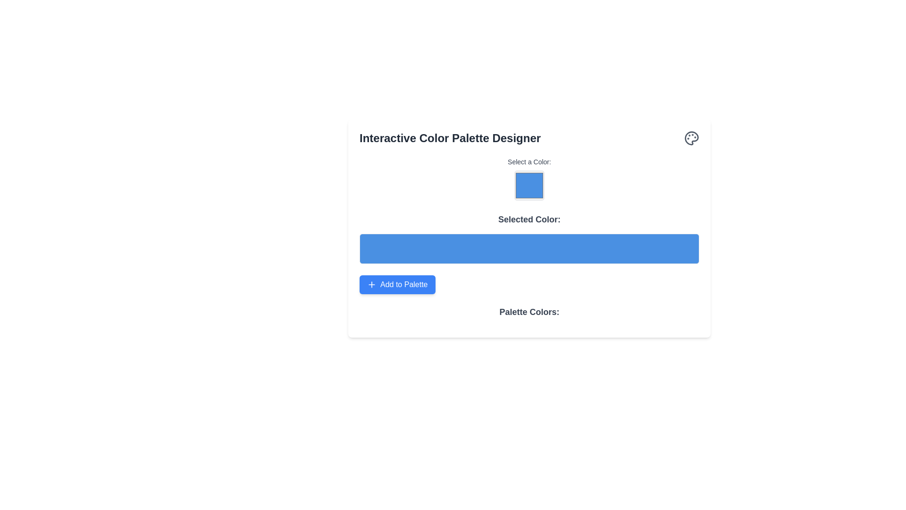 The image size is (906, 510). What do you see at coordinates (371, 284) in the screenshot?
I see `the plus sign icon with a blue background located inside the 'Add to Palette' button` at bounding box center [371, 284].